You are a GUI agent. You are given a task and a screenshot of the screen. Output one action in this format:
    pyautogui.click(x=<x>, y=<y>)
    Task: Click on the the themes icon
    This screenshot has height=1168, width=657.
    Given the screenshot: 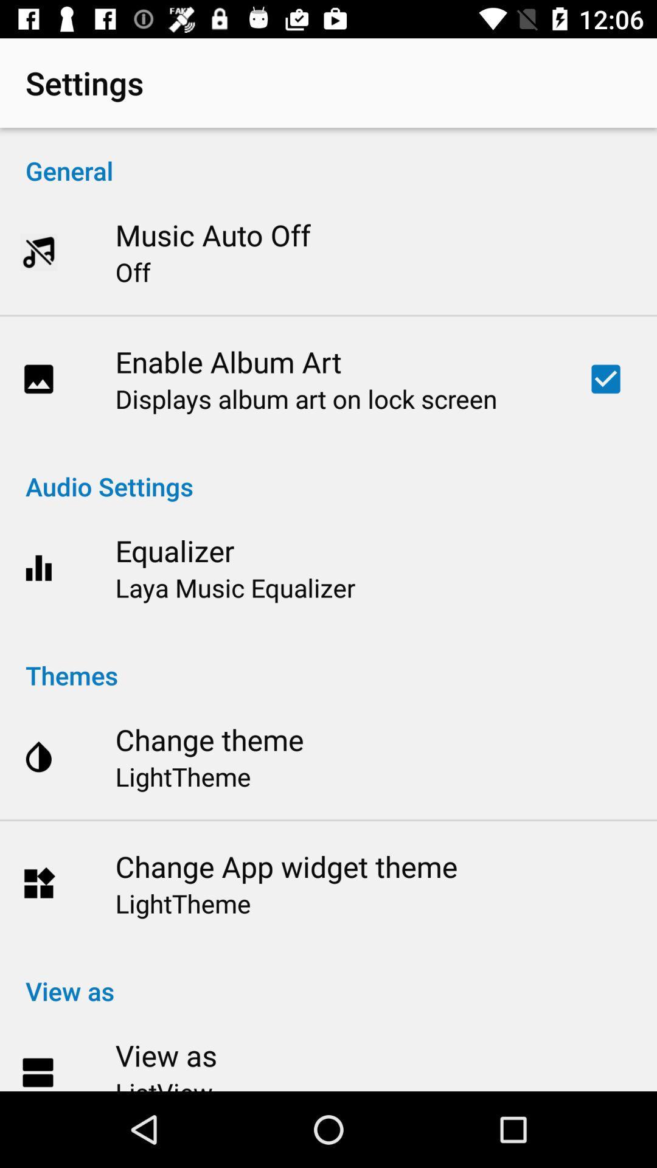 What is the action you would take?
    pyautogui.click(x=328, y=662)
    